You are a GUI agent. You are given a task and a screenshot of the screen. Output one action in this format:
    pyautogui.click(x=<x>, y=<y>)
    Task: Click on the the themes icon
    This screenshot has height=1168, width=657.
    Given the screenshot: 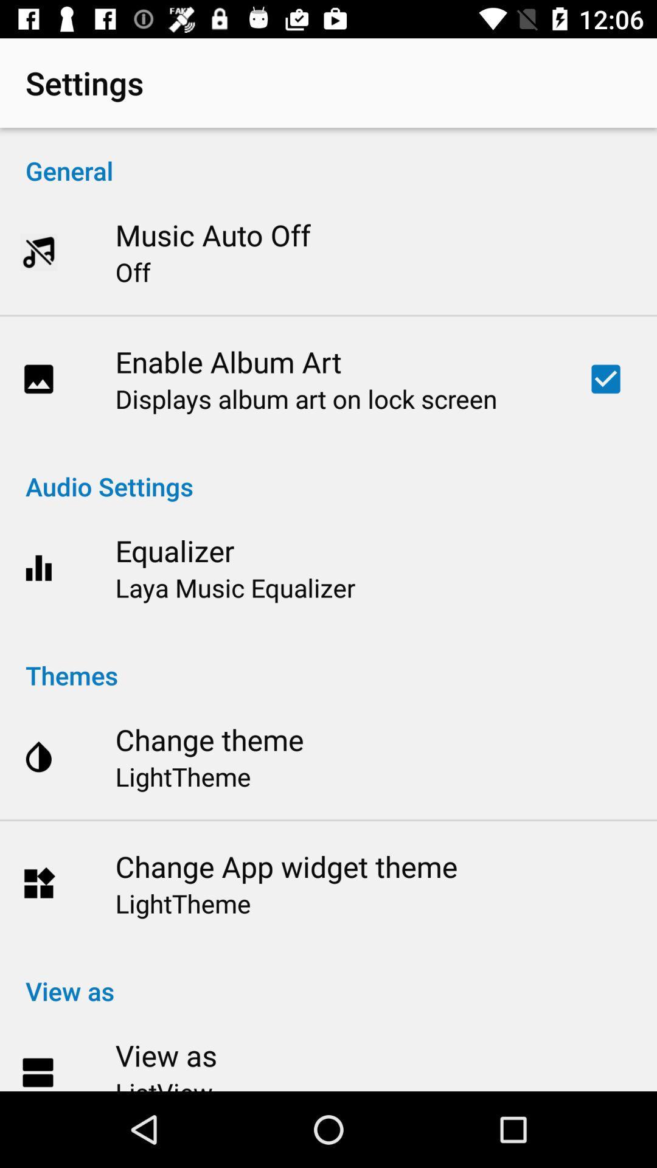 What is the action you would take?
    pyautogui.click(x=328, y=662)
    